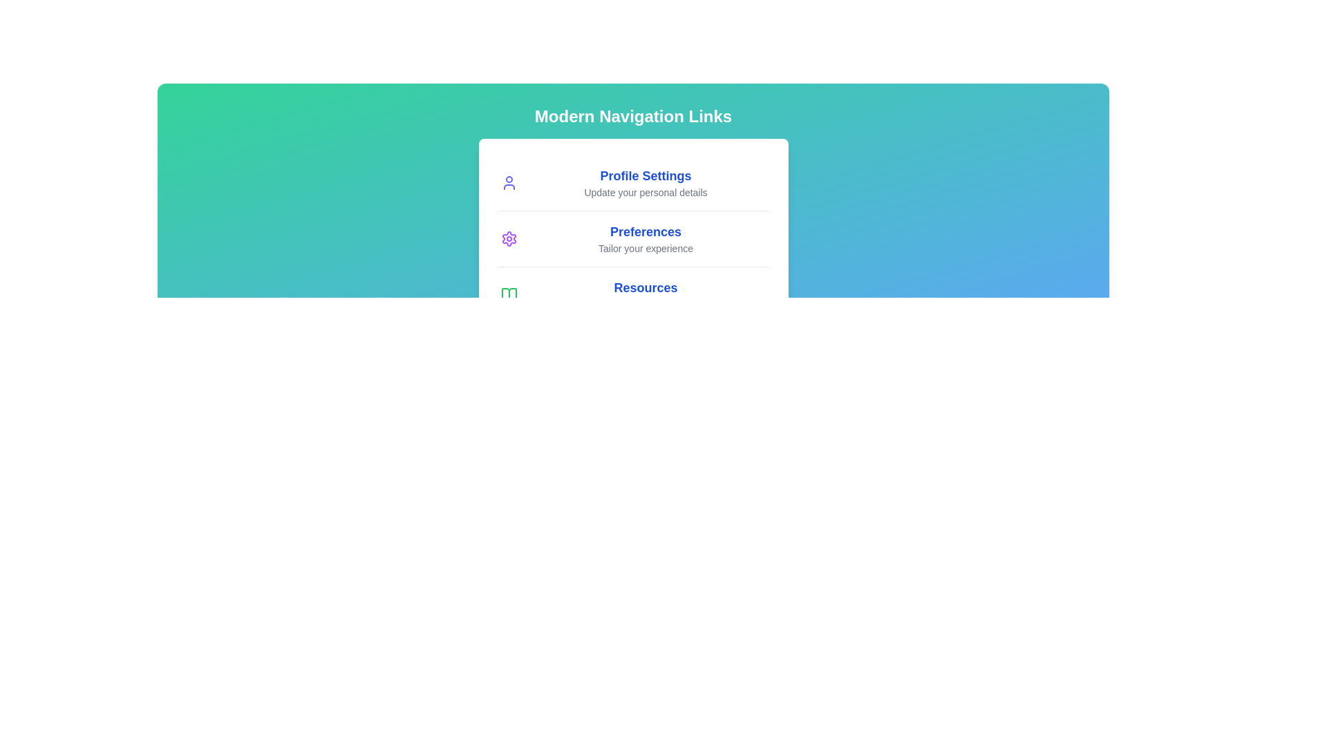 This screenshot has width=1327, height=746. I want to click on the 'Resources' button, which is the third item in the vertical list of navigation links beneath the 'Preferences' section, styled with a green icon and blue bolded text, so click(632, 294).